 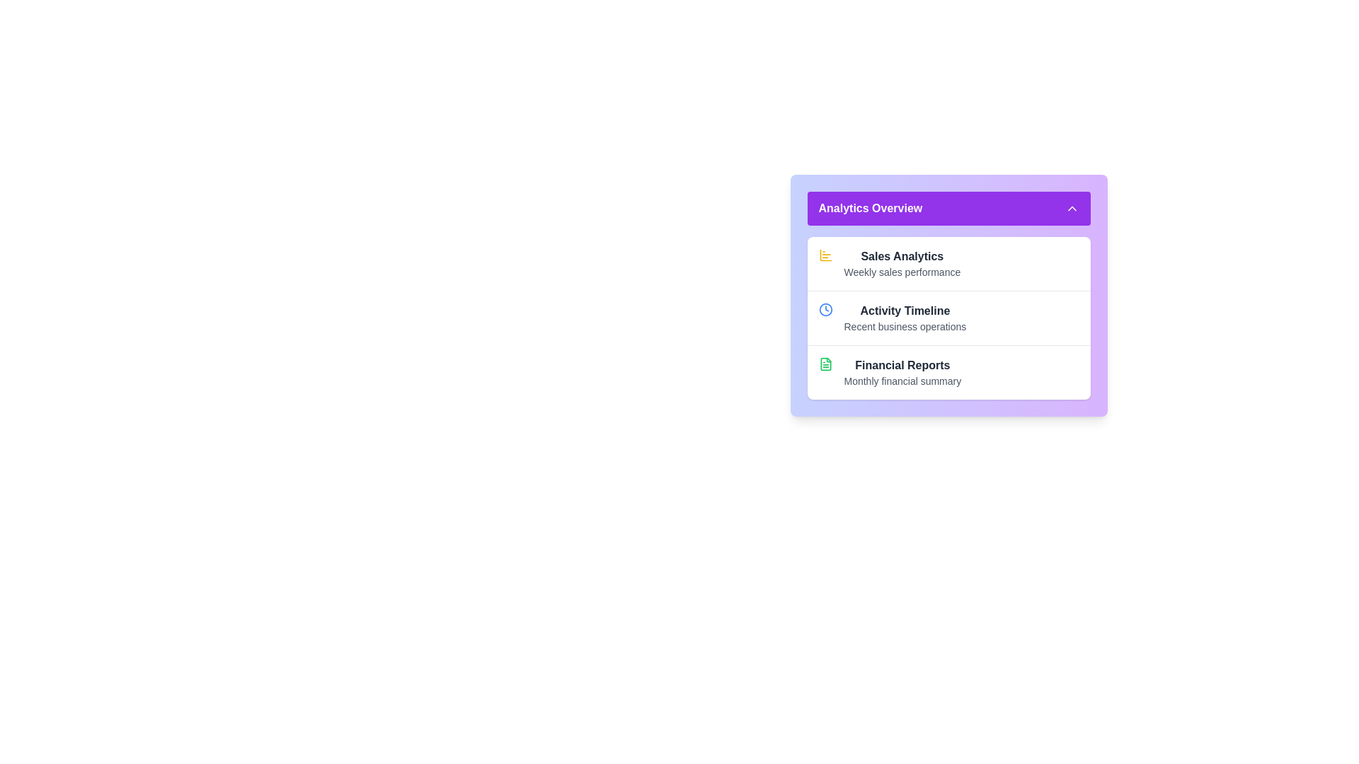 I want to click on the 'Sales Analytics' text label, which is styled with a bold dark gray font and positioned at the top of the list under the purple header 'Analytics Overview', so click(x=901, y=256).